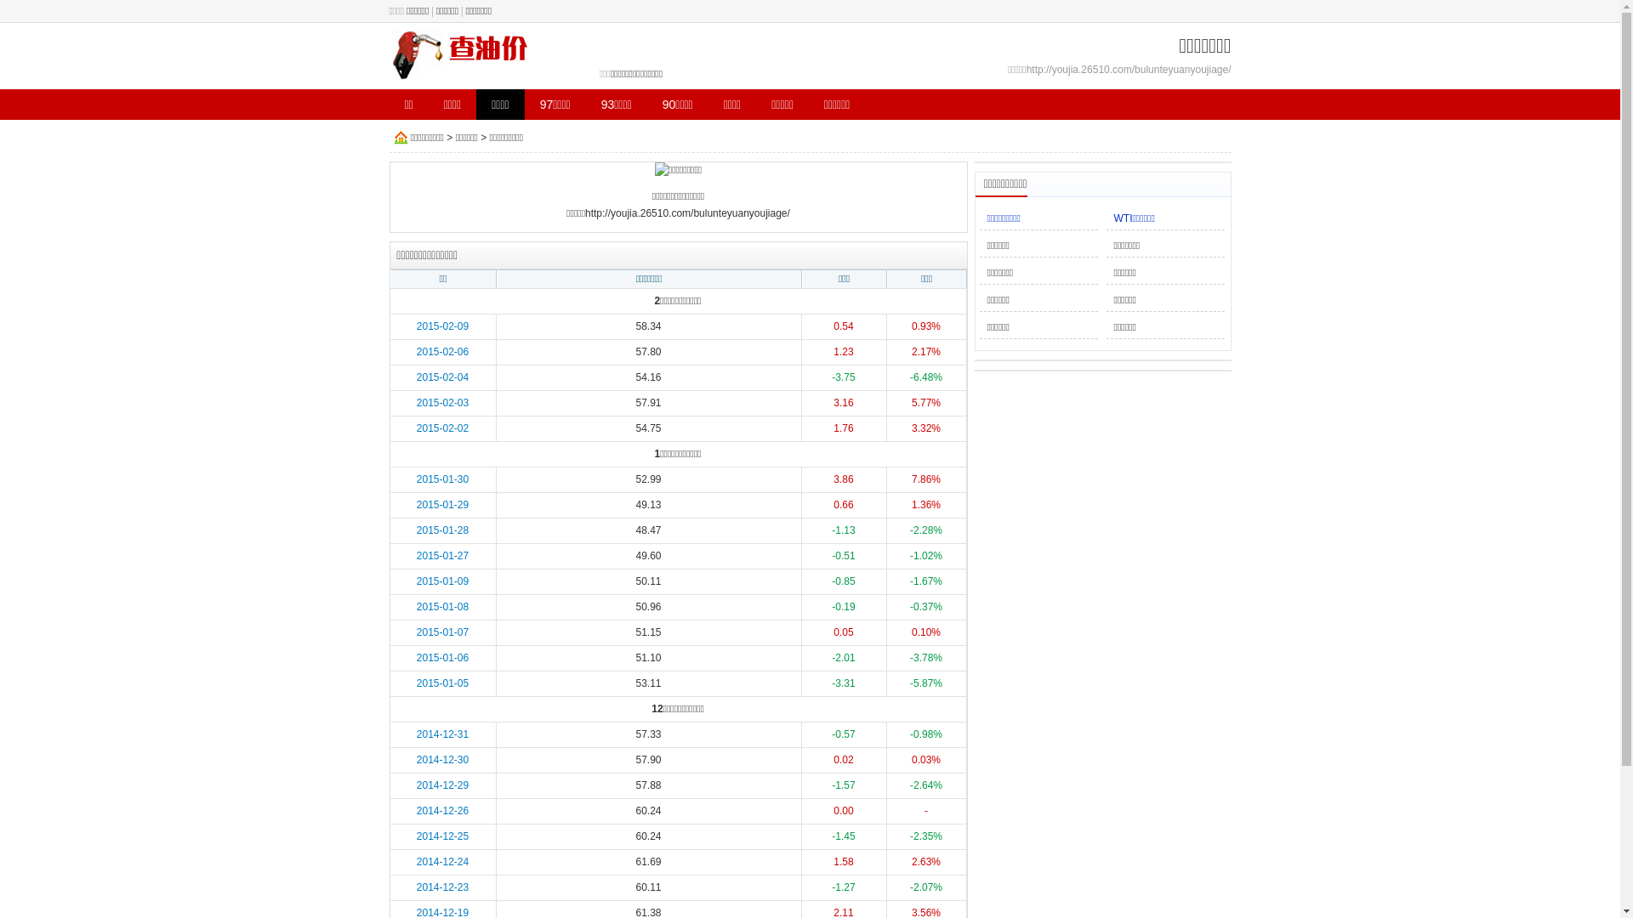  Describe the element at coordinates (442, 657) in the screenshot. I see `'2015-01-06'` at that location.